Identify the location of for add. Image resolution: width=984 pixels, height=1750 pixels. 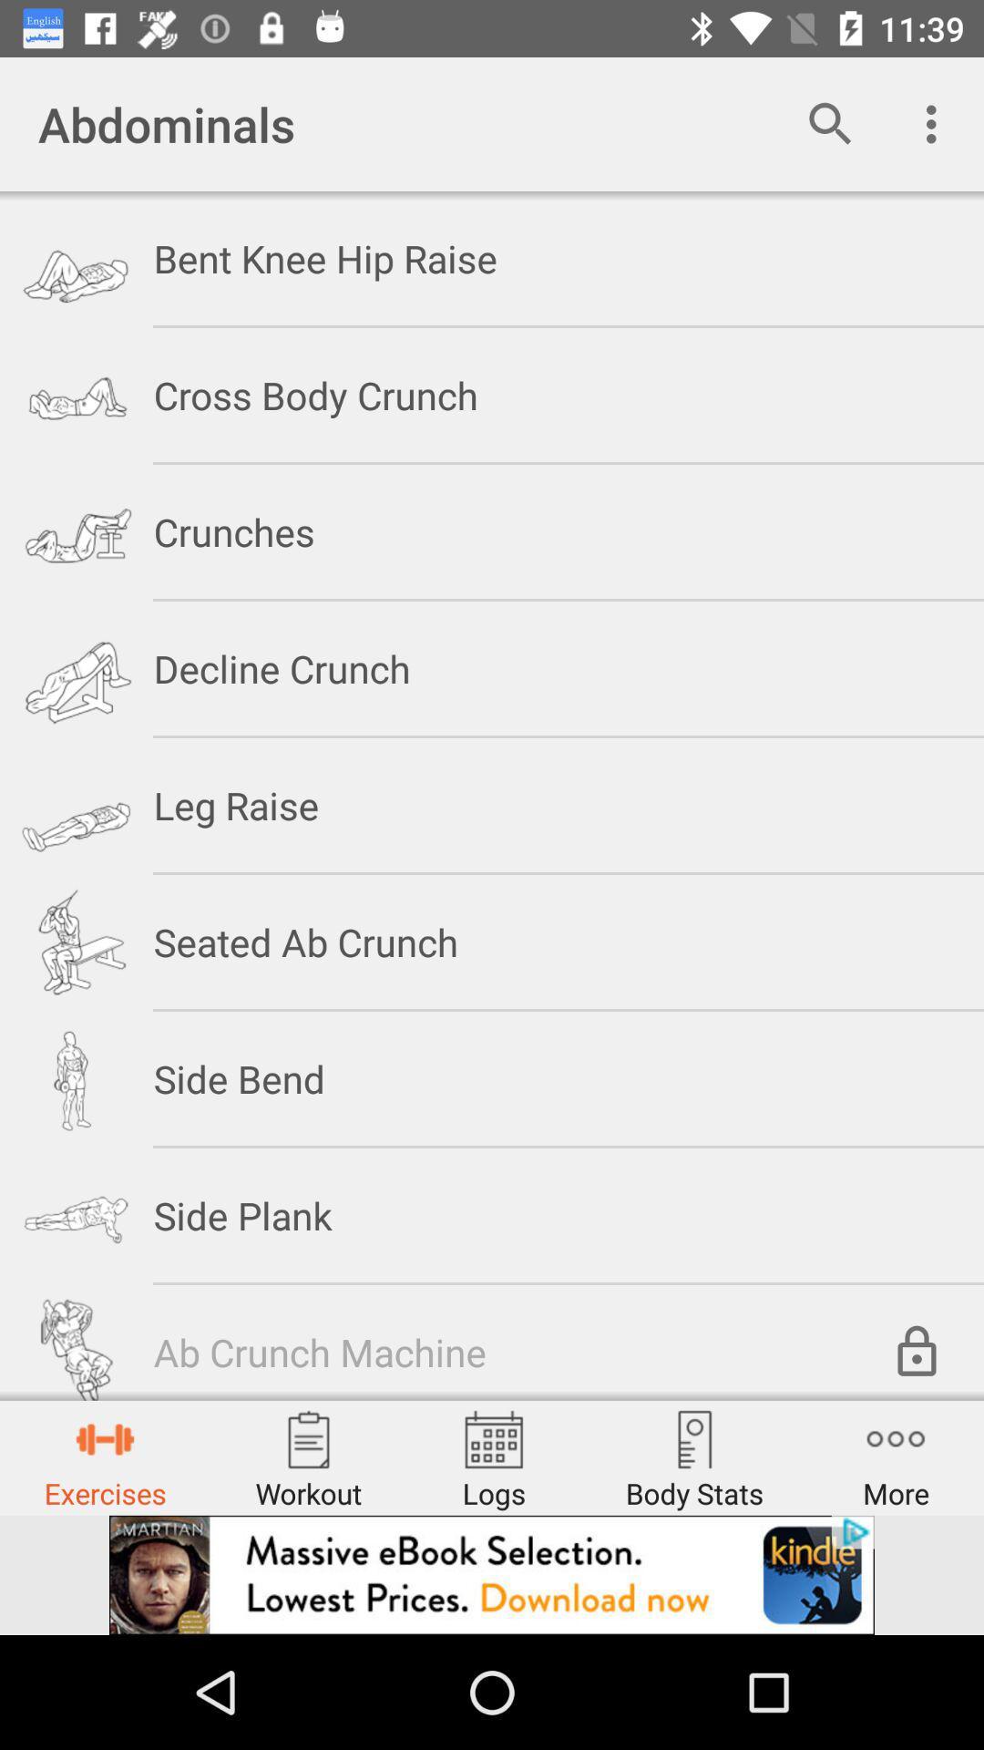
(492, 1574).